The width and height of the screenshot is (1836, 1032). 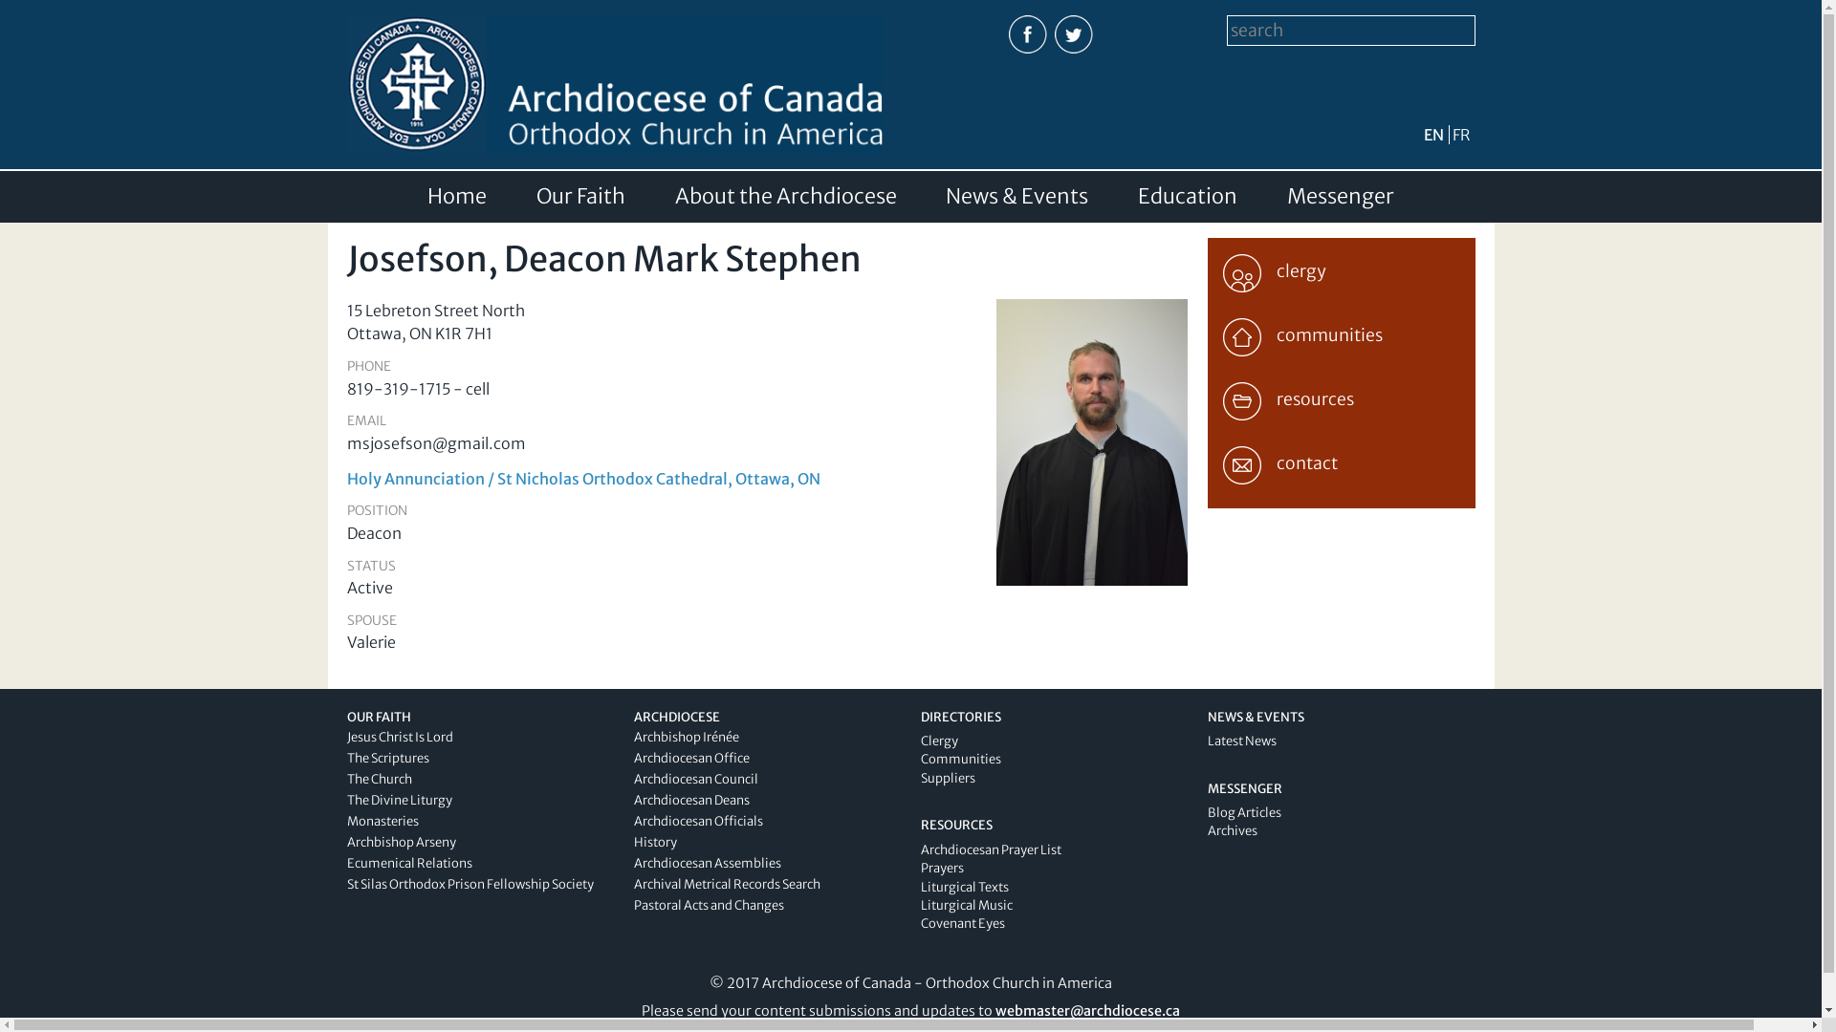 What do you see at coordinates (947, 778) in the screenshot?
I see `'Suppliers'` at bounding box center [947, 778].